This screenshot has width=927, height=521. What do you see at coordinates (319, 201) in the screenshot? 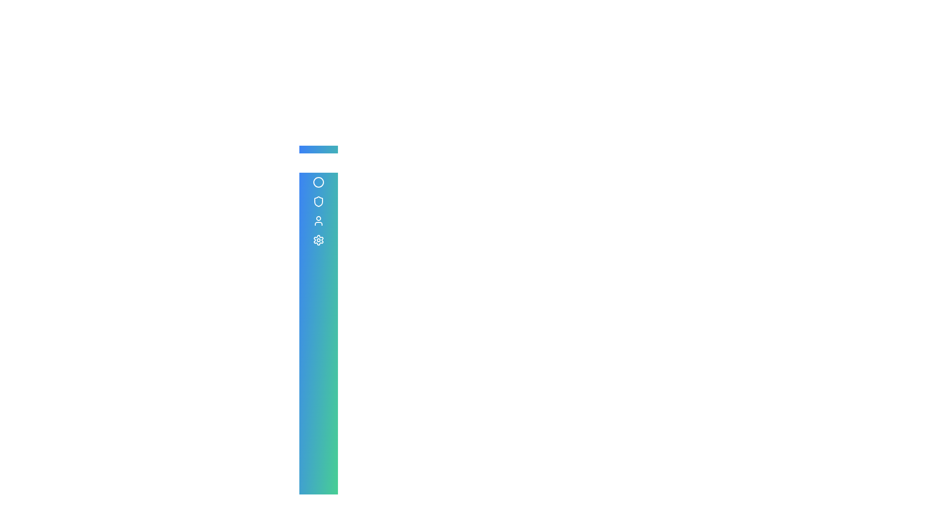
I see `the outlined shield icon` at bounding box center [319, 201].